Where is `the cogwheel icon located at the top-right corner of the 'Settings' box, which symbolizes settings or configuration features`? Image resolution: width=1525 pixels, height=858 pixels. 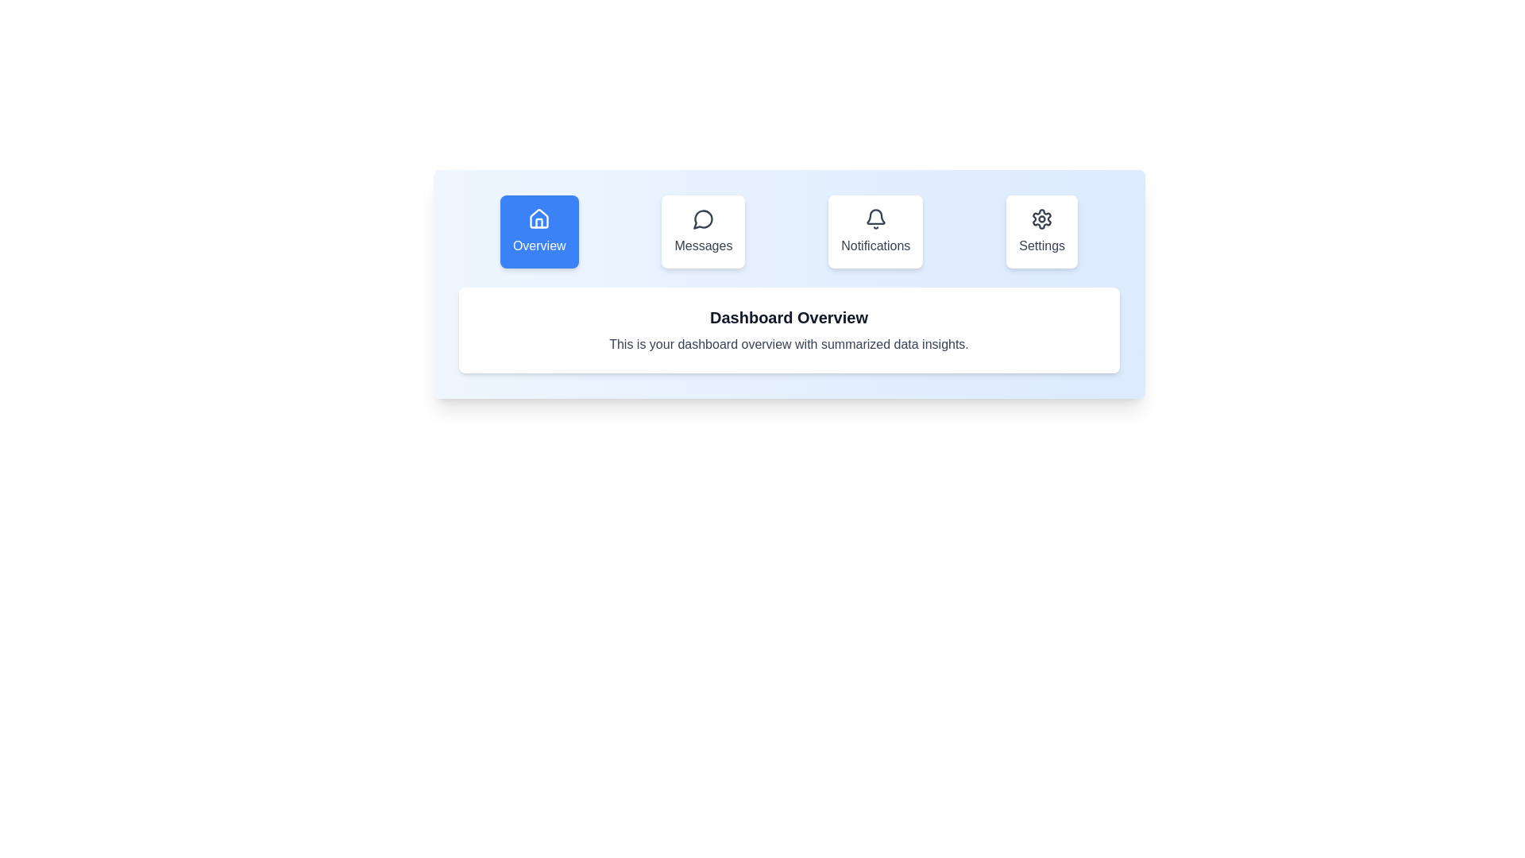 the cogwheel icon located at the top-right corner of the 'Settings' box, which symbolizes settings or configuration features is located at coordinates (1042, 219).